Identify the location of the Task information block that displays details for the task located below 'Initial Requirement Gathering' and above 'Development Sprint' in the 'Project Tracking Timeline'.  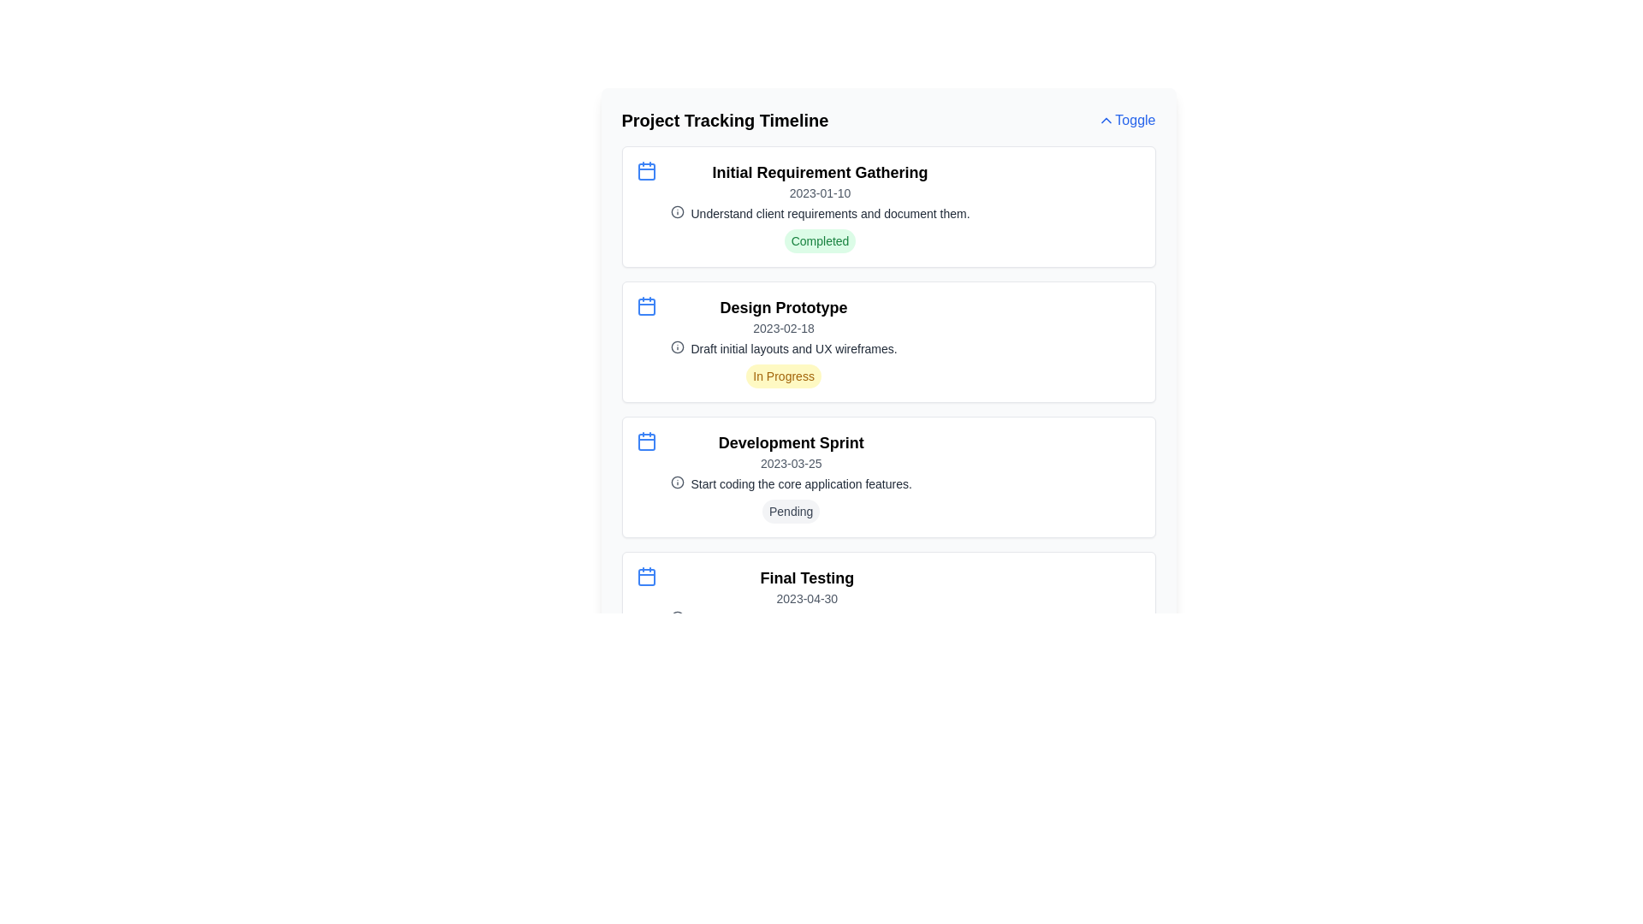
(783, 342).